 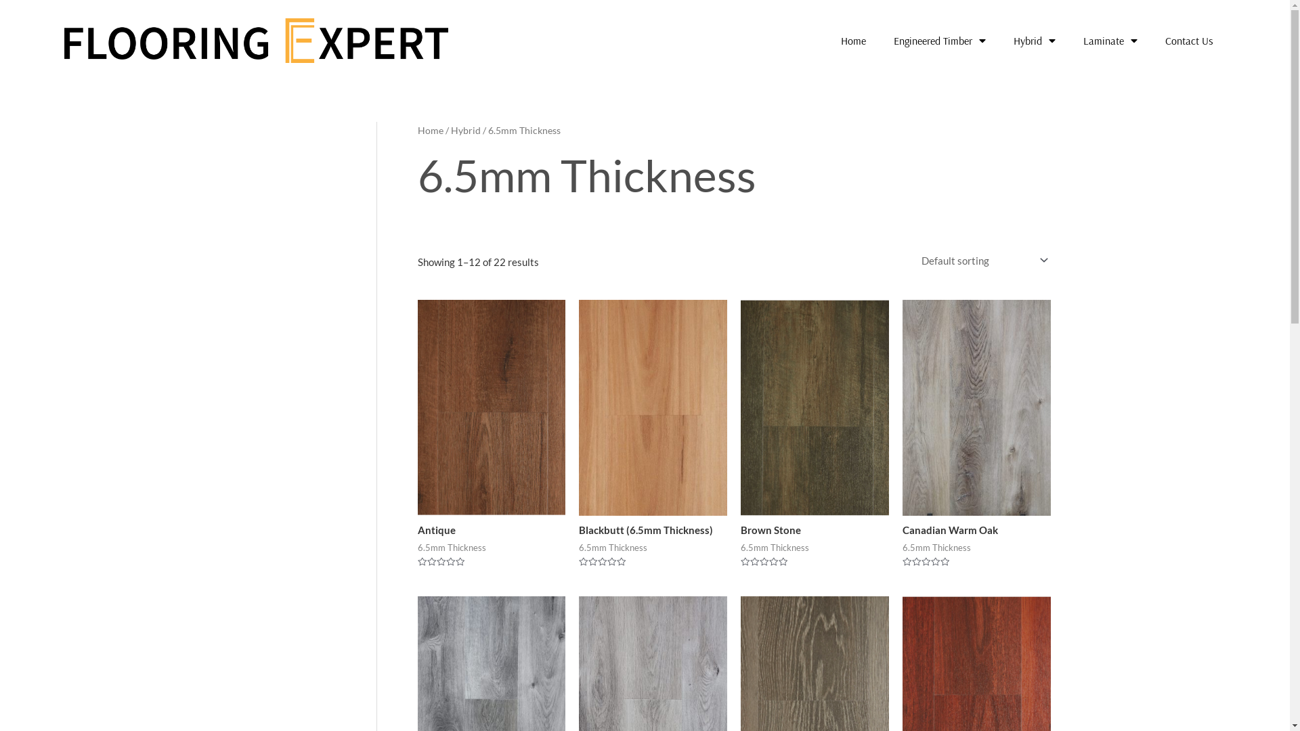 I want to click on 'Contact Us', so click(x=1188, y=40).